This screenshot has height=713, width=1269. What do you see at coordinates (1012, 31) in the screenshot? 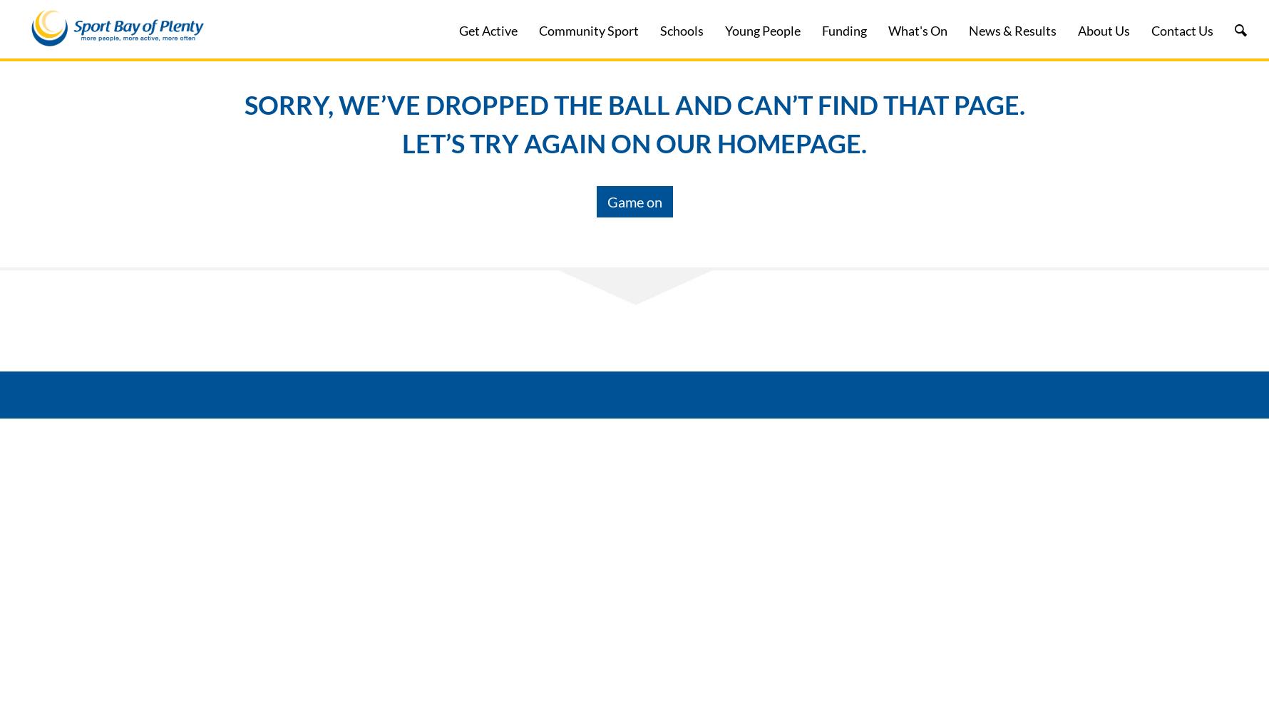
I see `'News & Results'` at bounding box center [1012, 31].